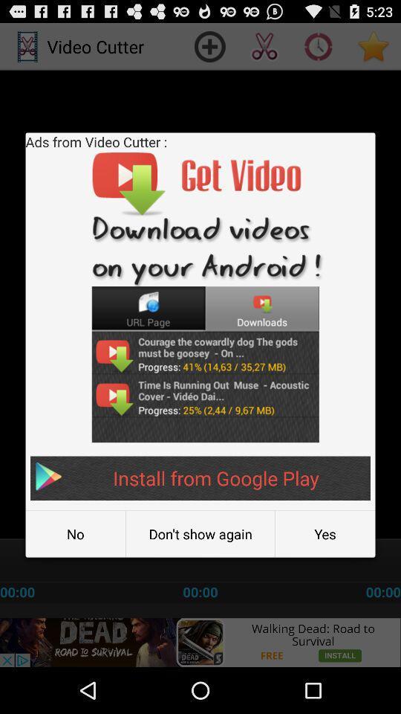 The height and width of the screenshot is (714, 401). Describe the element at coordinates (200, 477) in the screenshot. I see `the icon above no icon` at that location.